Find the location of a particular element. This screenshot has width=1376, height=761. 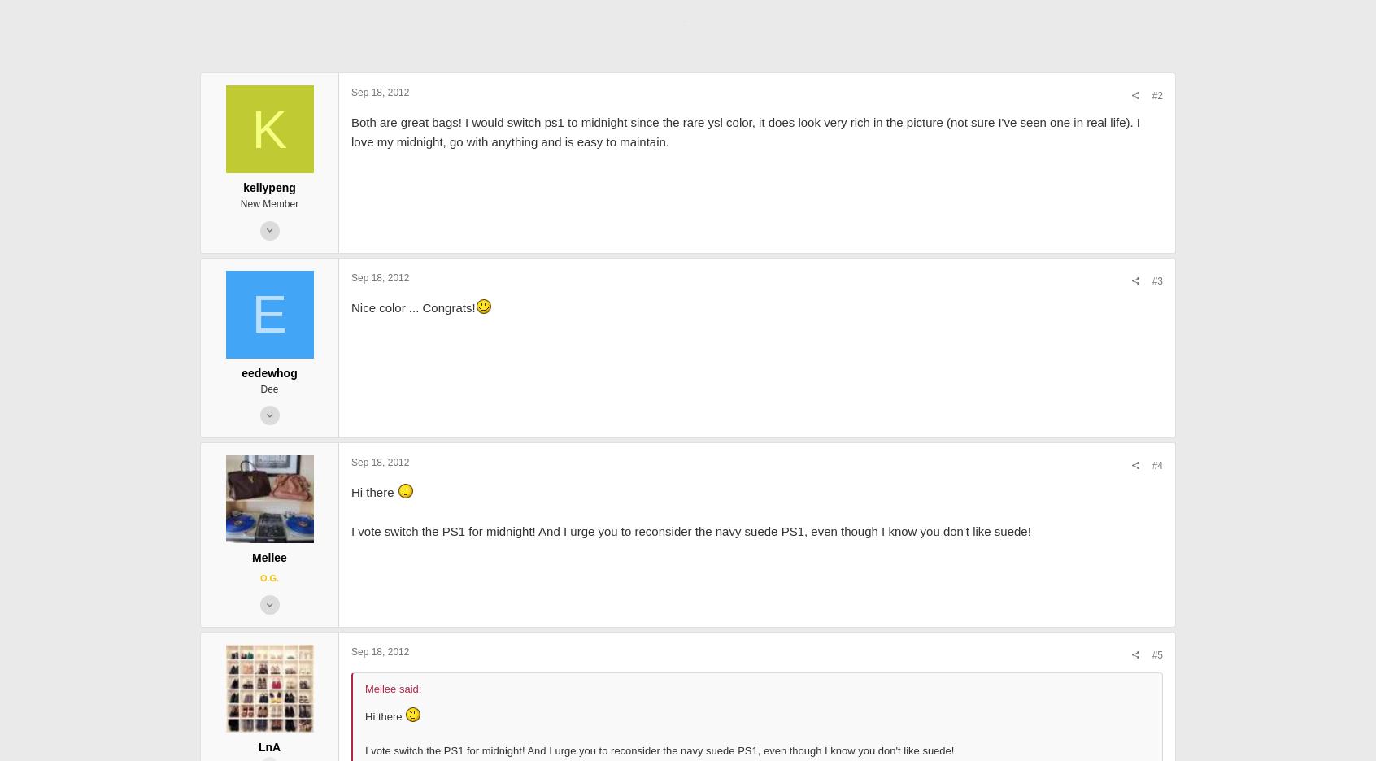

'YSL Chyc Mini Dove Beige.jpeg' is located at coordinates (555, 6).